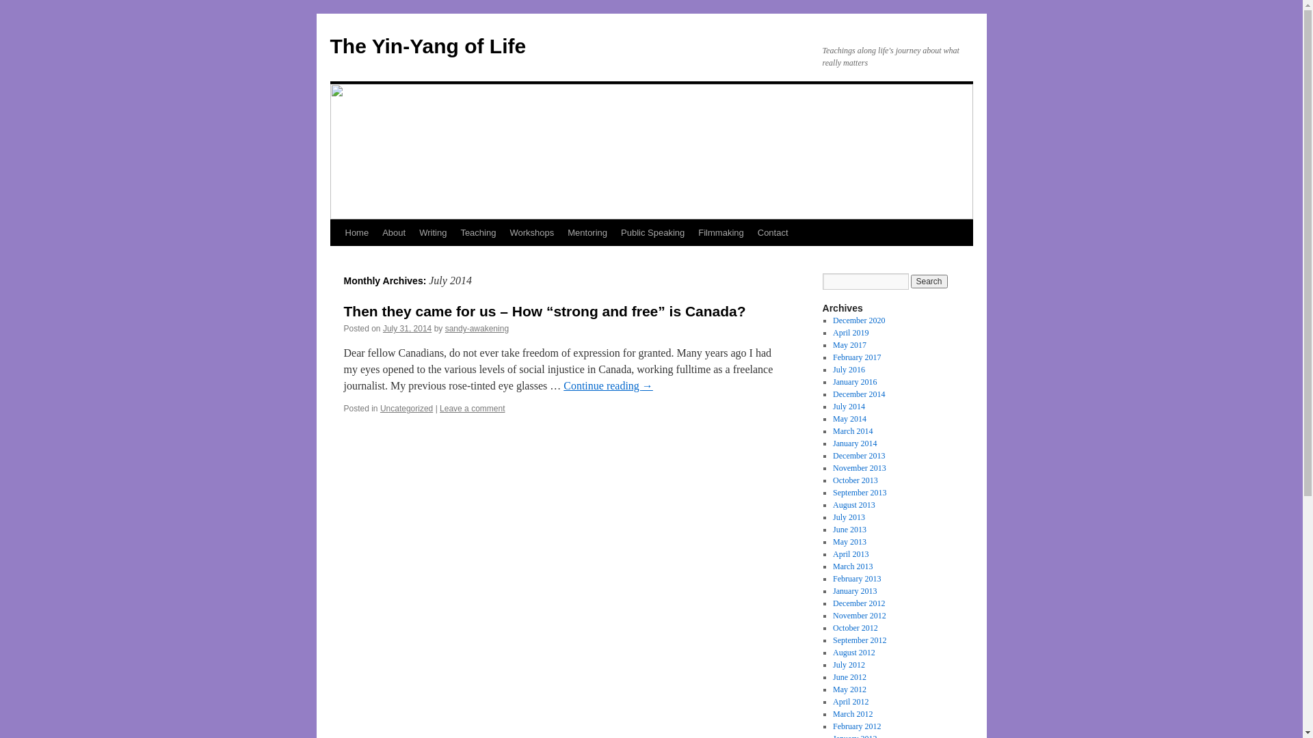 This screenshot has height=738, width=1313. I want to click on 'February 2017', so click(856, 357).